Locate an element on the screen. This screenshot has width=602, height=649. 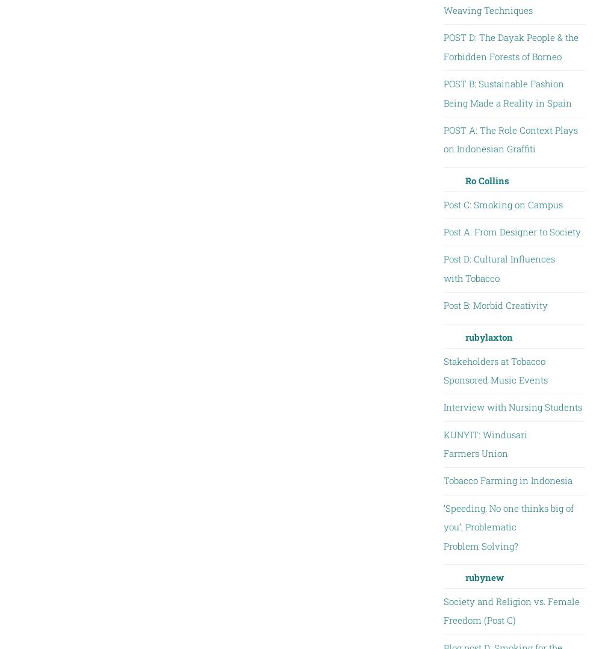
'Post B: Morbid Creativity' is located at coordinates (442, 305).